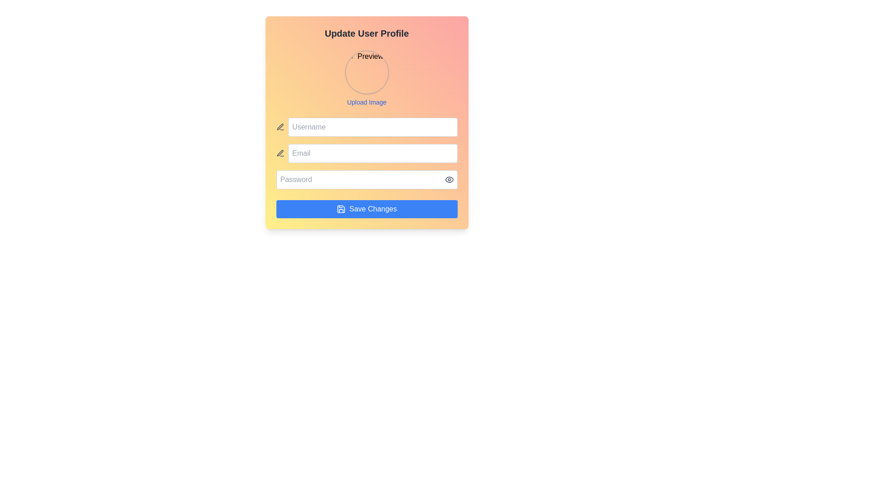  What do you see at coordinates (449, 180) in the screenshot?
I see `the eye-shaped button located on the far right inside the Password input field` at bounding box center [449, 180].